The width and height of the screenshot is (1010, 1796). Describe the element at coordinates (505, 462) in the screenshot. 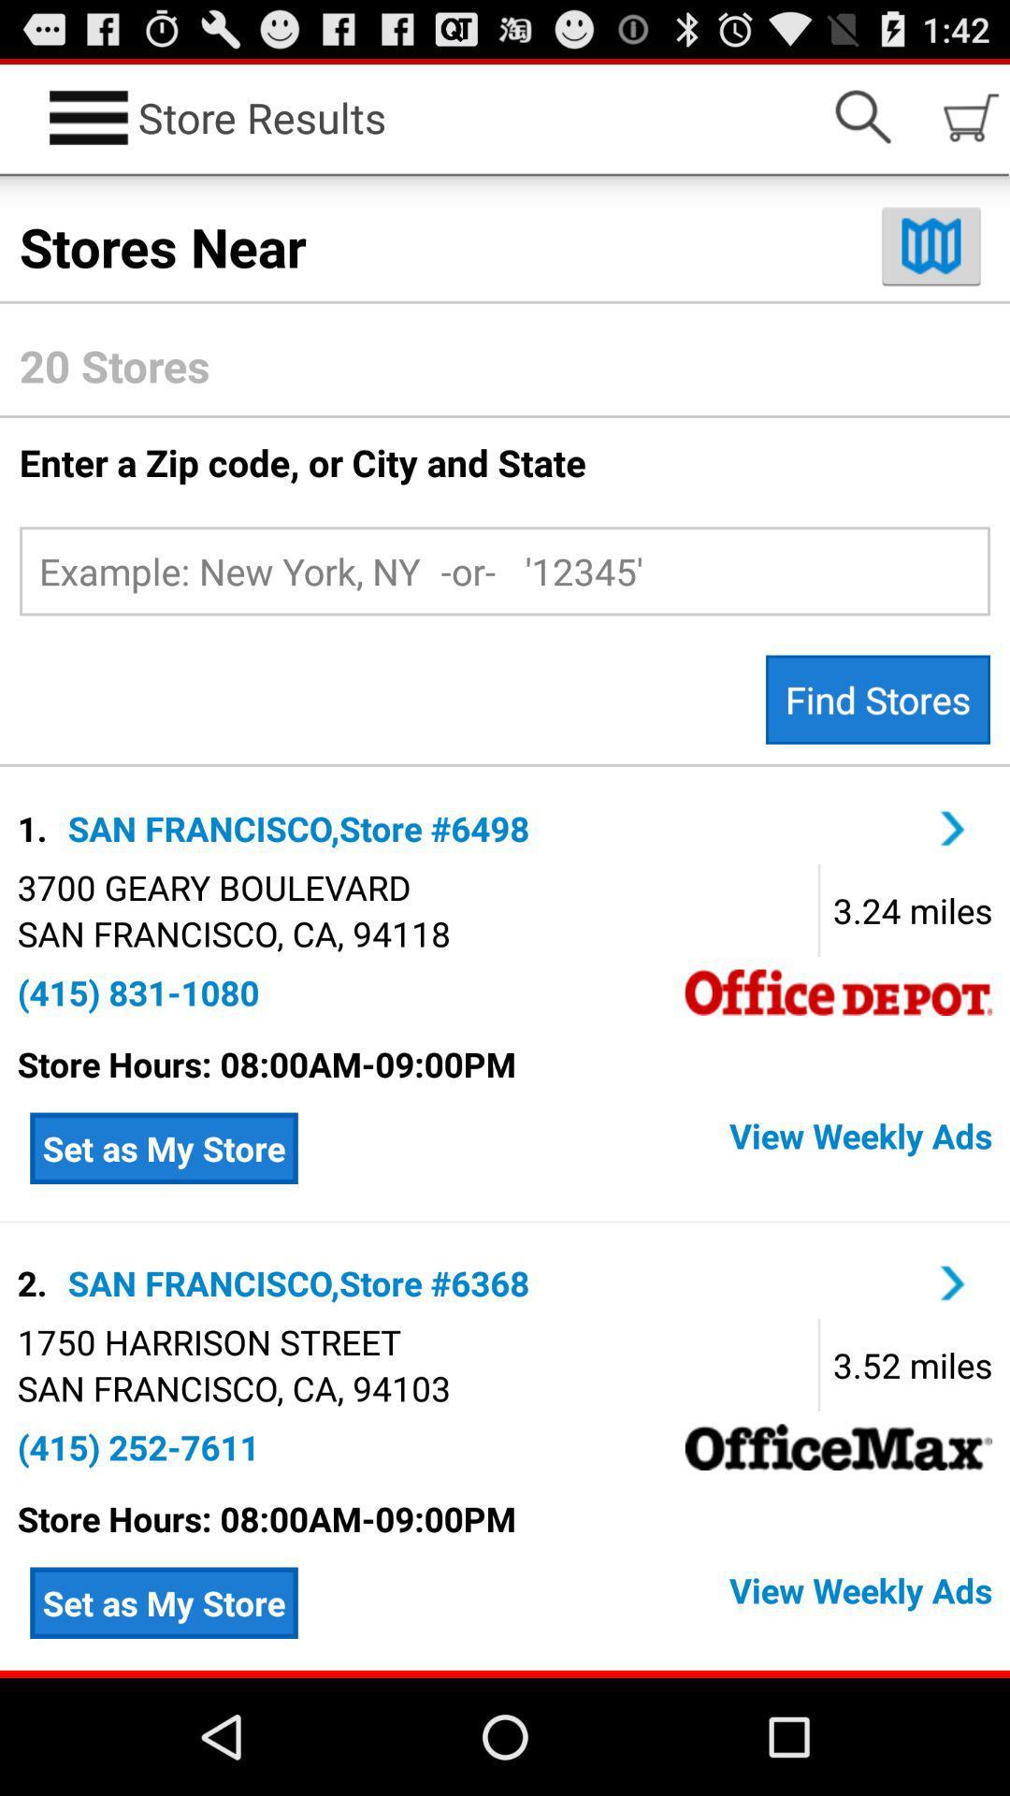

I see `the enter a zip app` at that location.